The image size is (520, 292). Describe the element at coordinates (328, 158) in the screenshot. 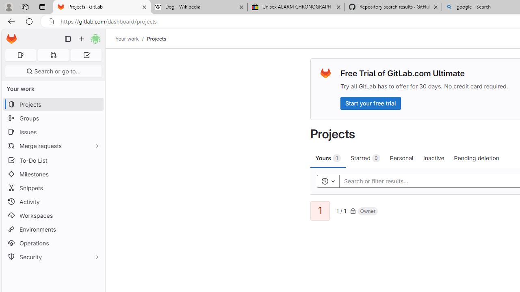

I see `'Yours 1'` at that location.